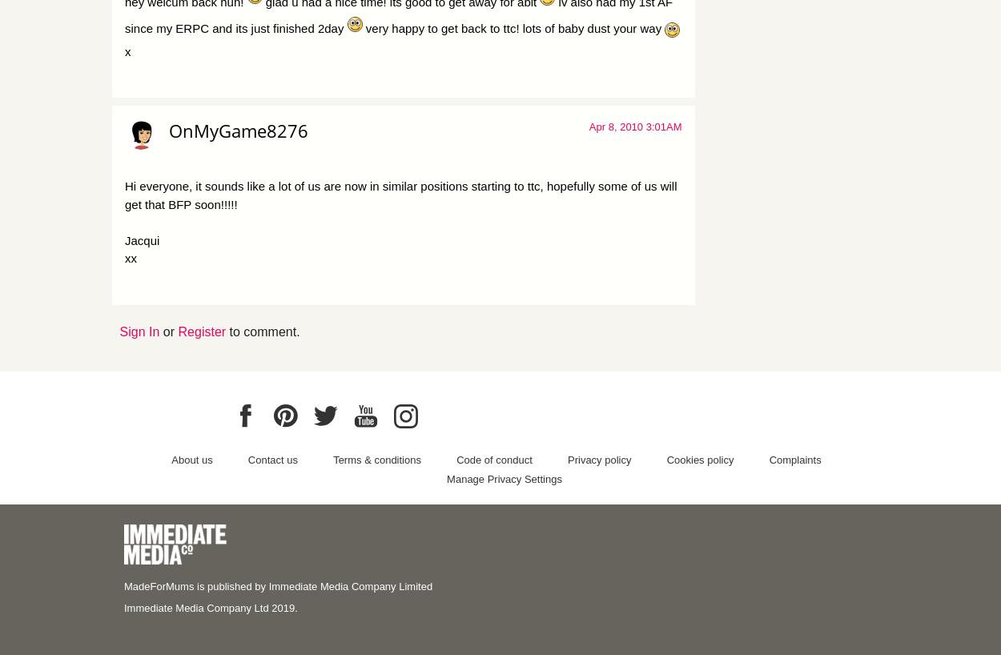 The height and width of the screenshot is (655, 1001). I want to click on 'Apr 8, 2010 3:01AM', so click(635, 126).